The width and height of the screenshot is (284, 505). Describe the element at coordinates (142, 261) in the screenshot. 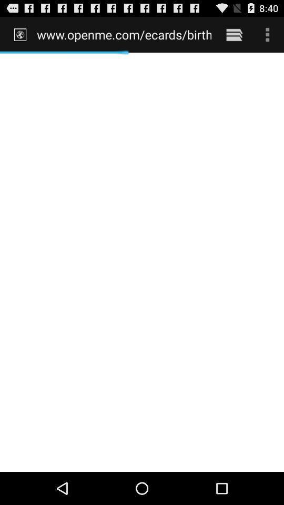

I see `icon below the www openme com` at that location.